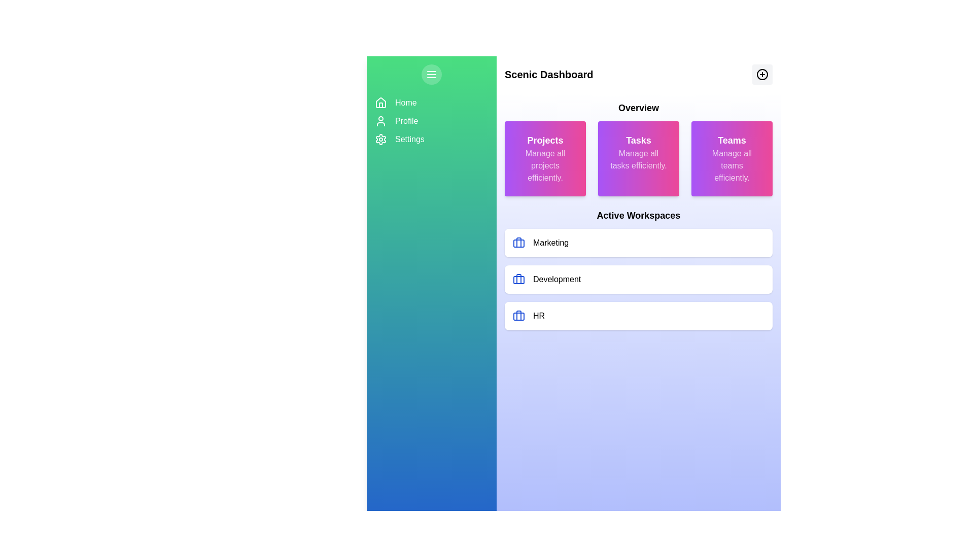 The image size is (974, 548). What do you see at coordinates (518, 316) in the screenshot?
I see `the business icon represented by a blue rectangle with rounded corners, located in the third card under the Active Workspaces section, aligned horizontally with the 'HR' label` at bounding box center [518, 316].